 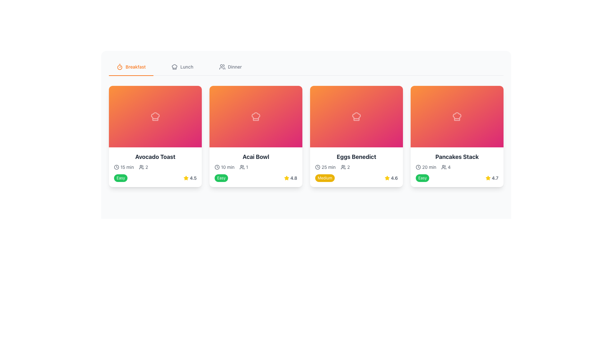 What do you see at coordinates (243, 167) in the screenshot?
I see `the icon displaying the number of servings for the 'Acai Bowl' recipe, which is located beneath the card in the second position, following the preparation time and before the rating stars` at bounding box center [243, 167].